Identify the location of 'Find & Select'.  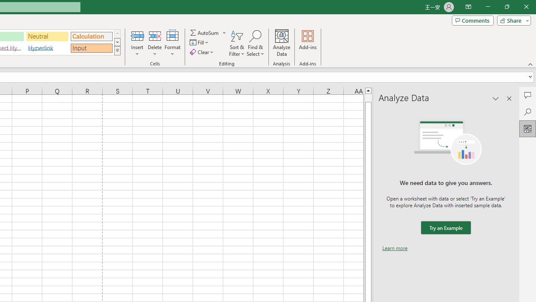
(255, 43).